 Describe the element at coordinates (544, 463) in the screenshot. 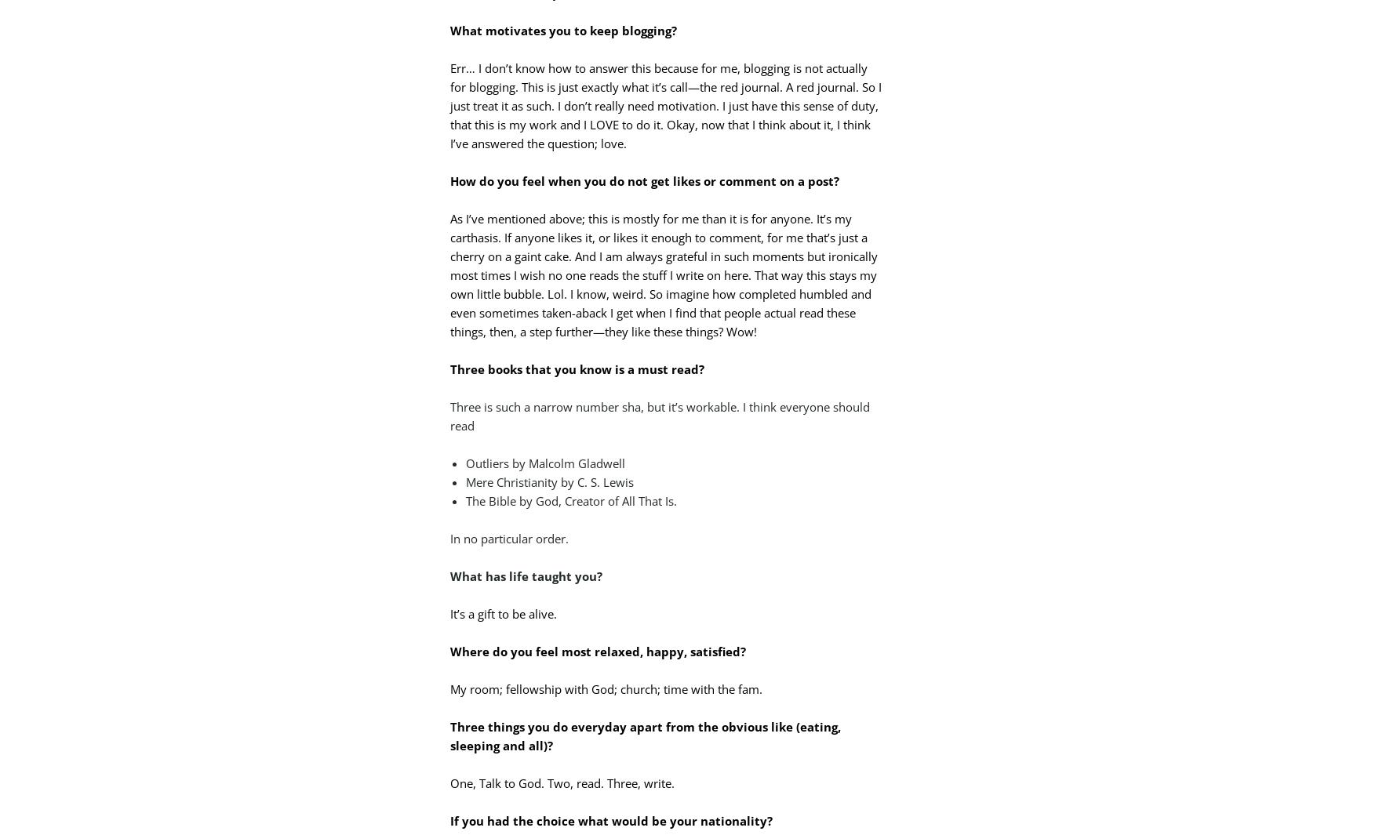

I see `'Outliers by Malcolm Gladwell'` at that location.